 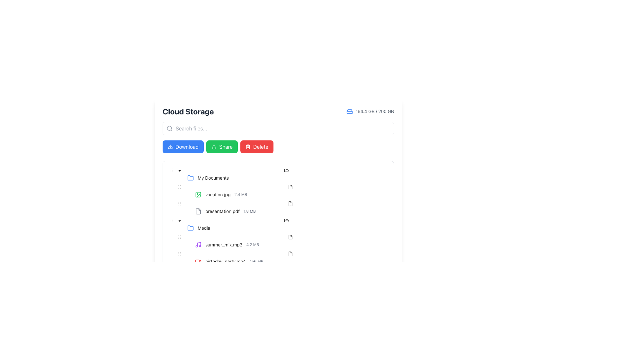 What do you see at coordinates (286, 169) in the screenshot?
I see `the open folder icon located before the label 'Media' in the file management interface` at bounding box center [286, 169].